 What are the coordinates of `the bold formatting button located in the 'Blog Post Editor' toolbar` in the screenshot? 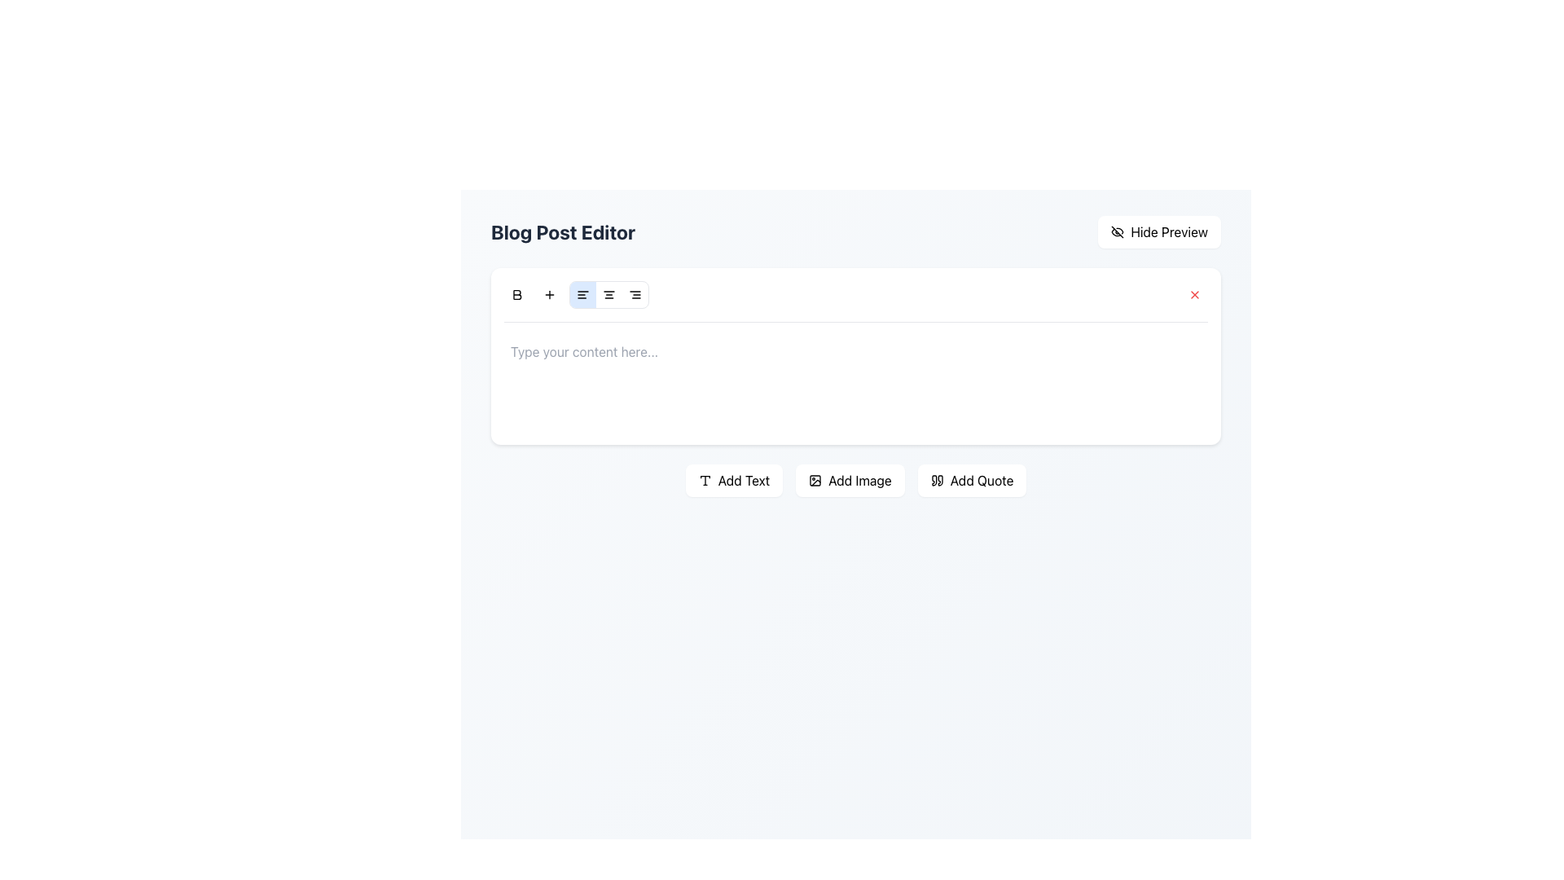 It's located at (516, 295).